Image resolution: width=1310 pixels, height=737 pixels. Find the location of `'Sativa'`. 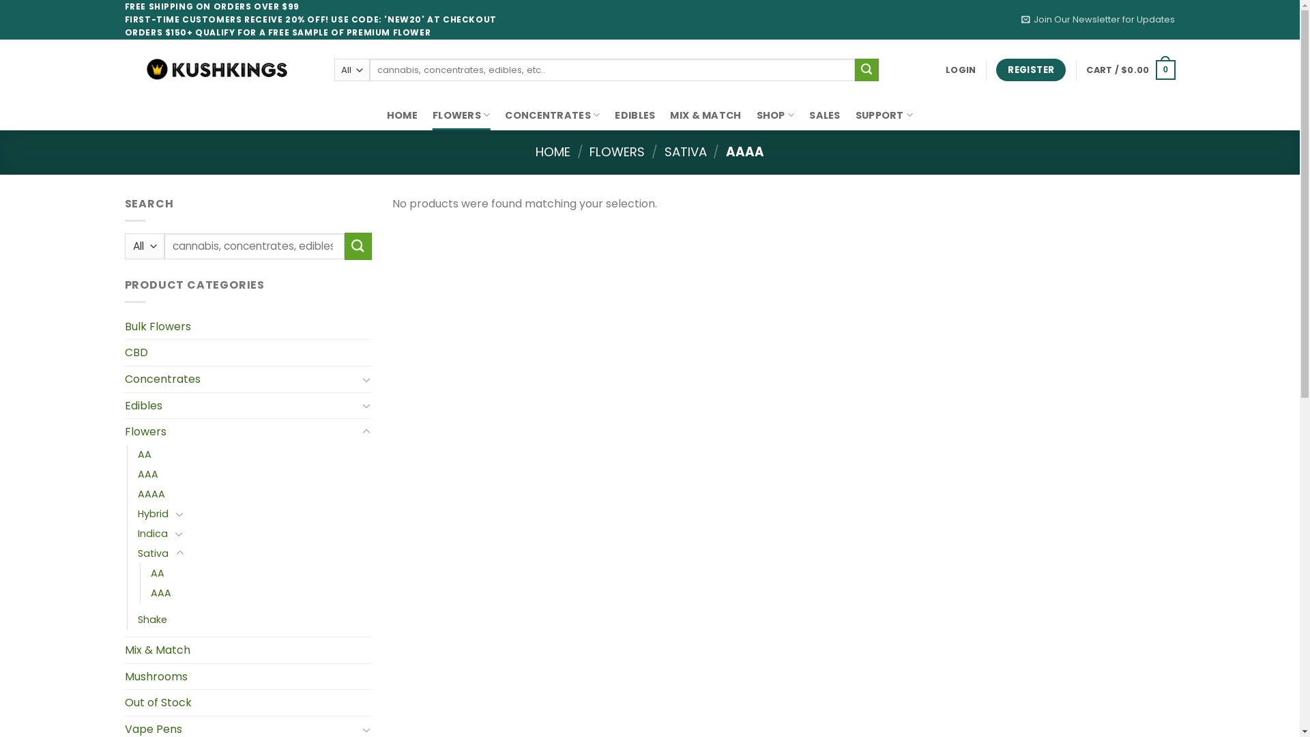

'Sativa' is located at coordinates (153, 553).